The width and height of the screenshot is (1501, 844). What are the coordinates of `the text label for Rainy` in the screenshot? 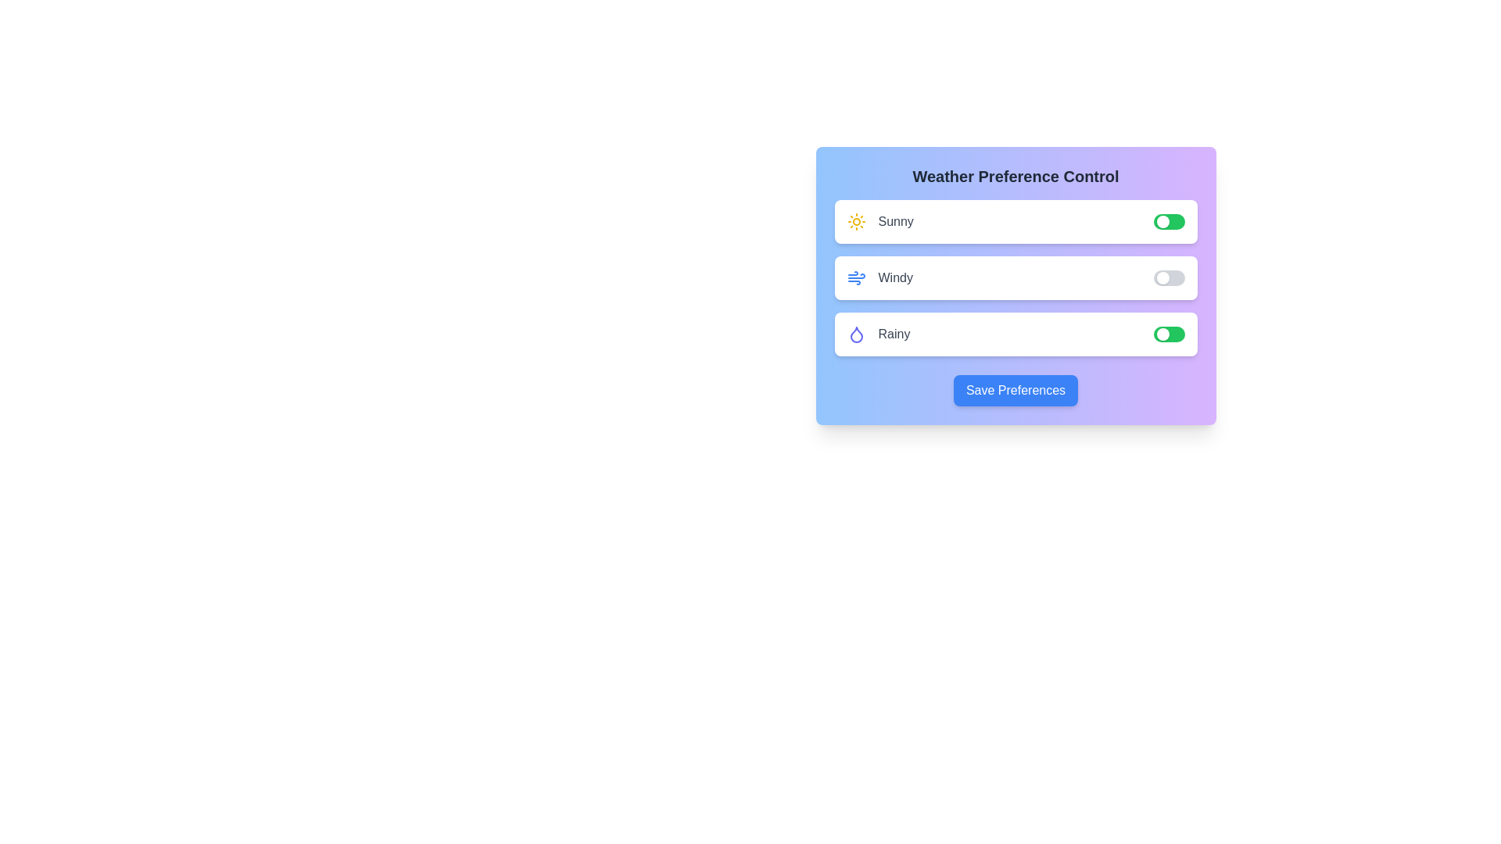 It's located at (878, 334).